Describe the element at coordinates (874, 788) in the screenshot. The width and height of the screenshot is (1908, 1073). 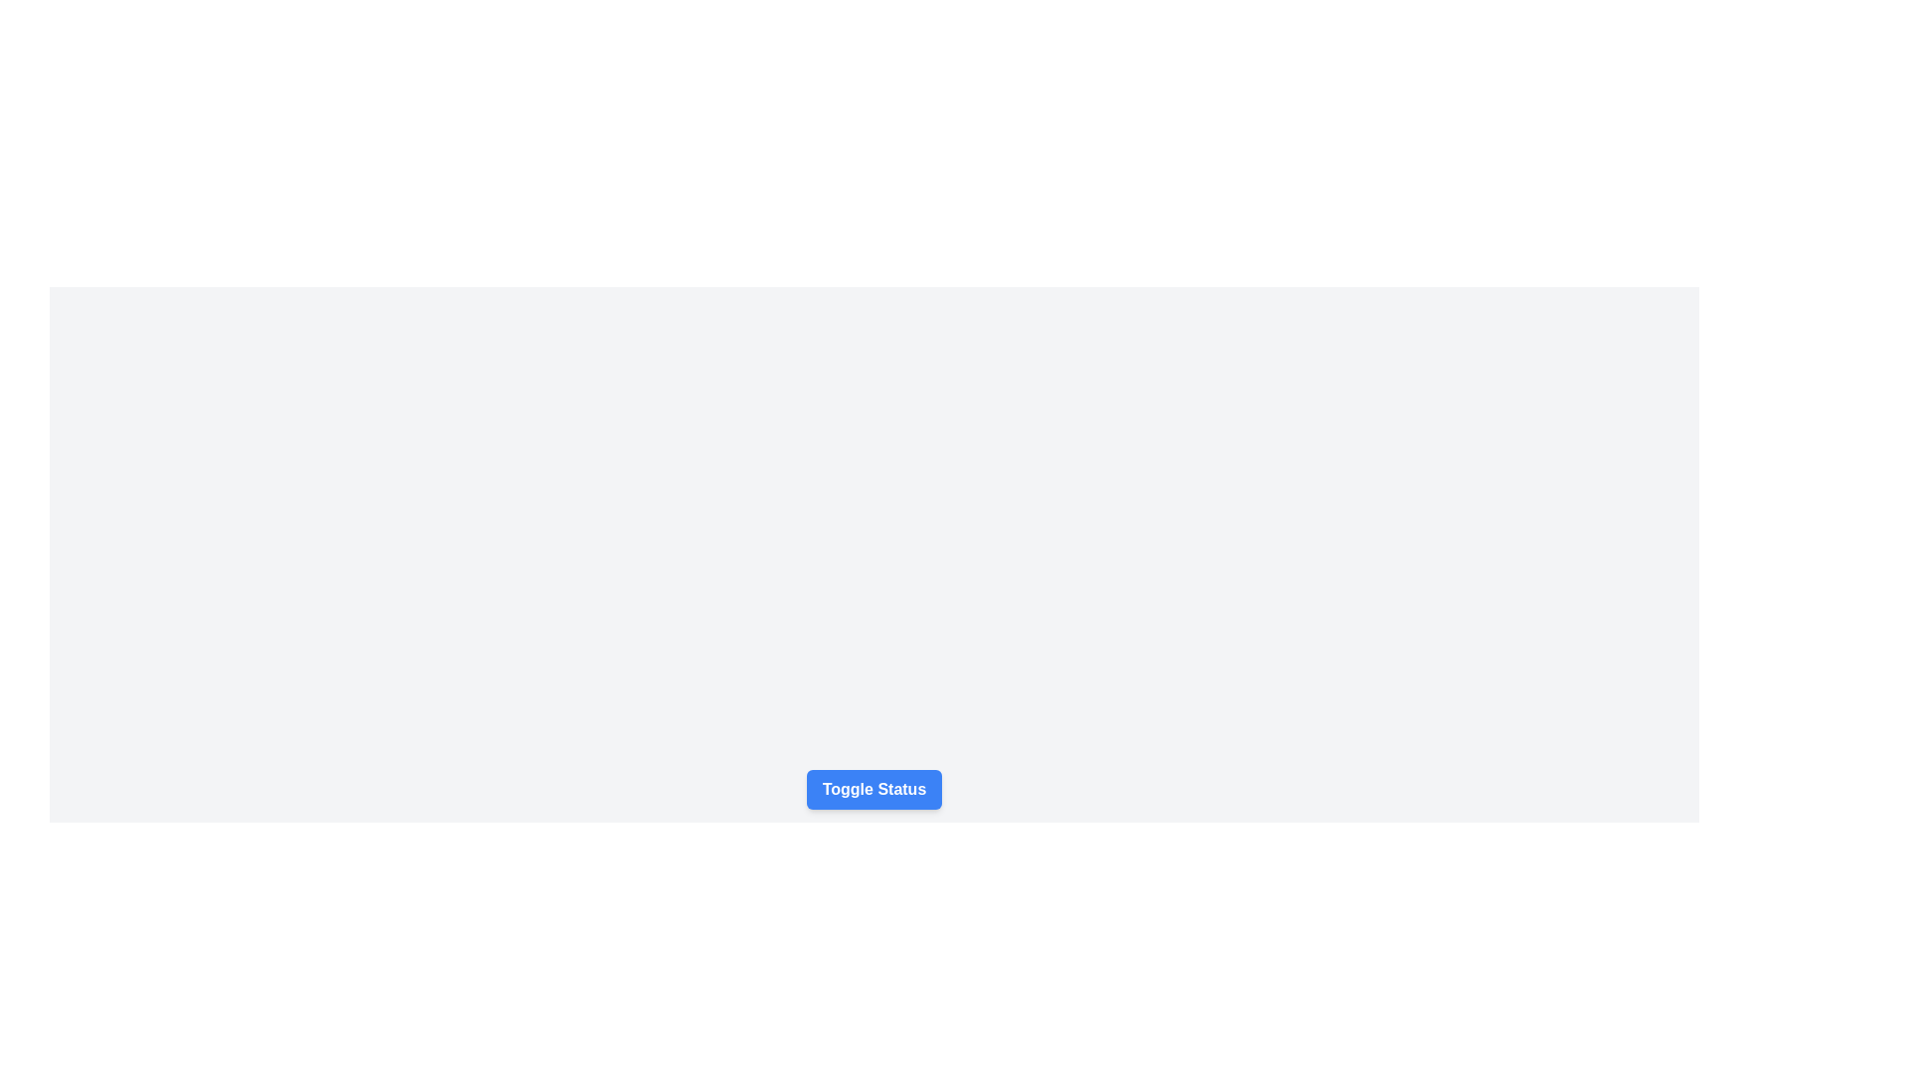
I see `the topmost button in the vertical stack` at that location.